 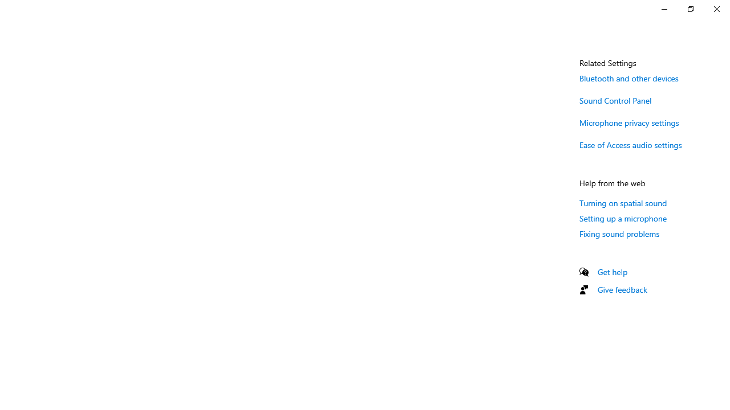 What do you see at coordinates (628, 77) in the screenshot?
I see `'Bluetooth and other devices'` at bounding box center [628, 77].